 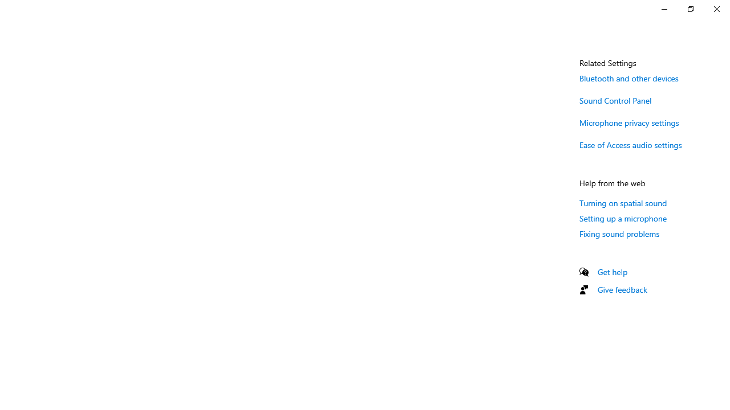 What do you see at coordinates (628, 77) in the screenshot?
I see `'Bluetooth and other devices'` at bounding box center [628, 77].